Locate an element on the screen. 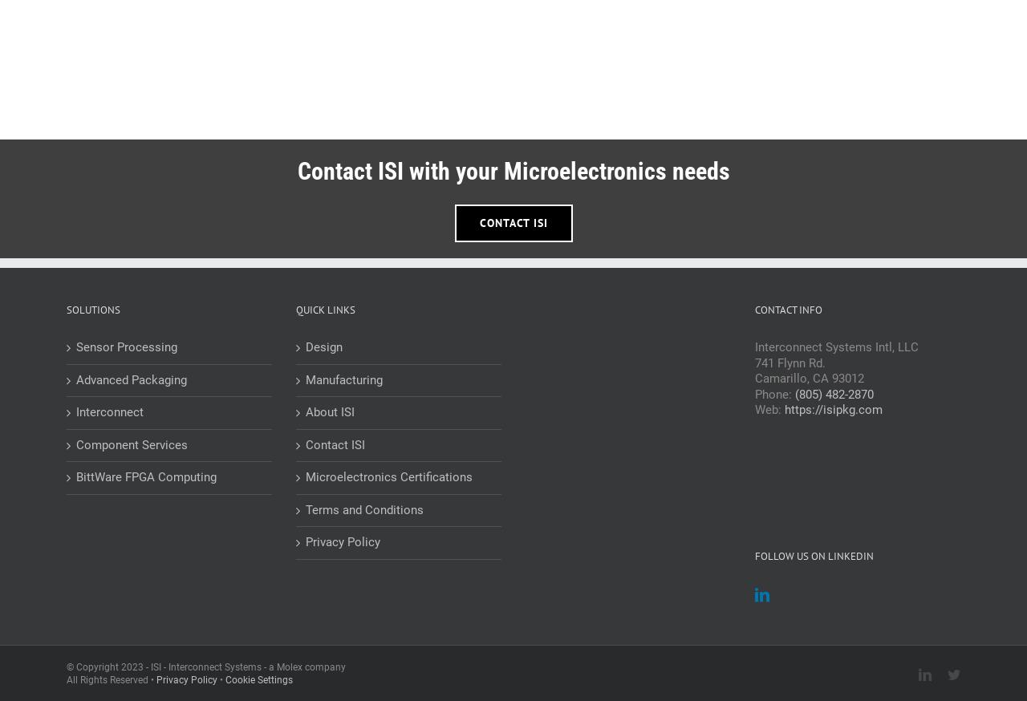 The image size is (1027, 701). 'Terms and Conditions' is located at coordinates (363, 508).